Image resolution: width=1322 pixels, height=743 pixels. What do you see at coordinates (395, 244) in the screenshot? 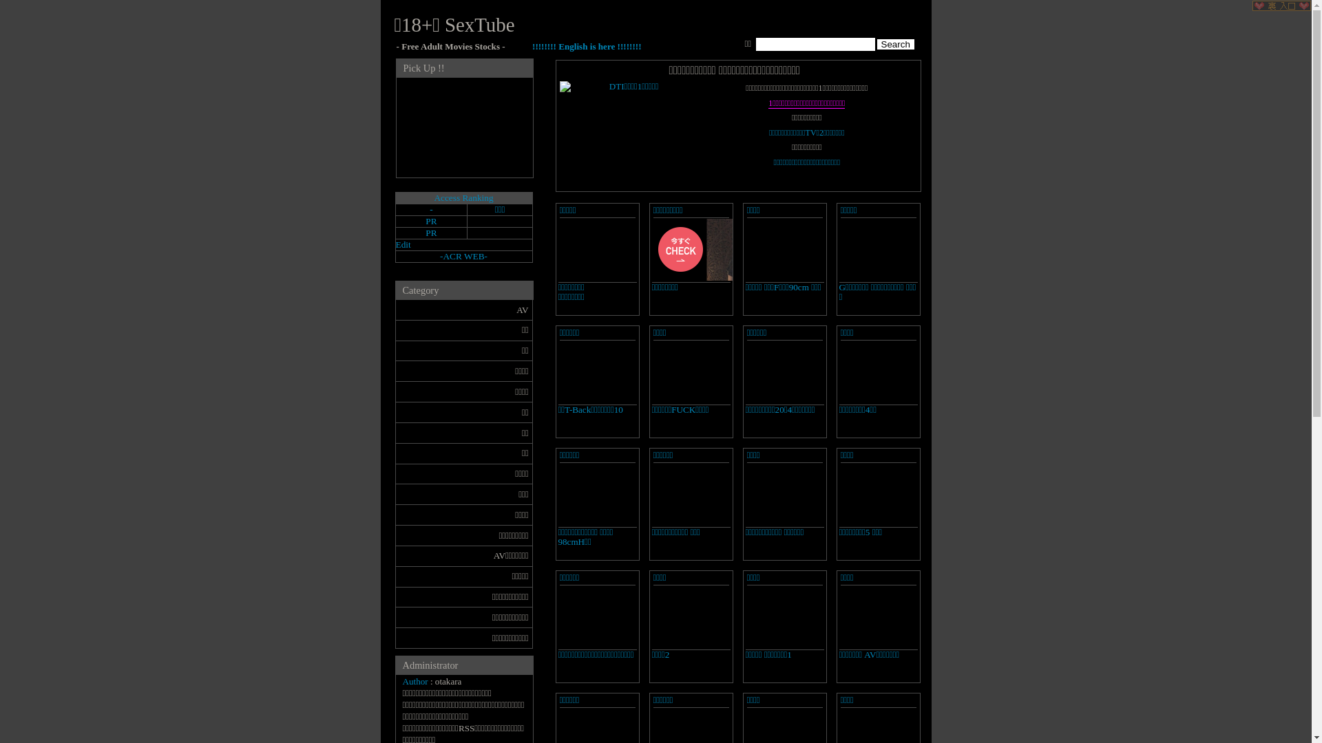
I see `'Edit'` at bounding box center [395, 244].